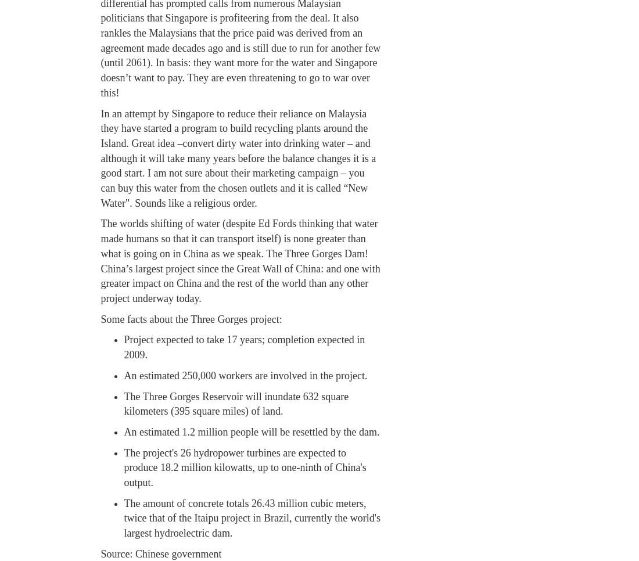  I want to click on 'The Three Gorges Reservoir will inundate 632 square kilometers (395 square miles) of land.', so click(236, 403).